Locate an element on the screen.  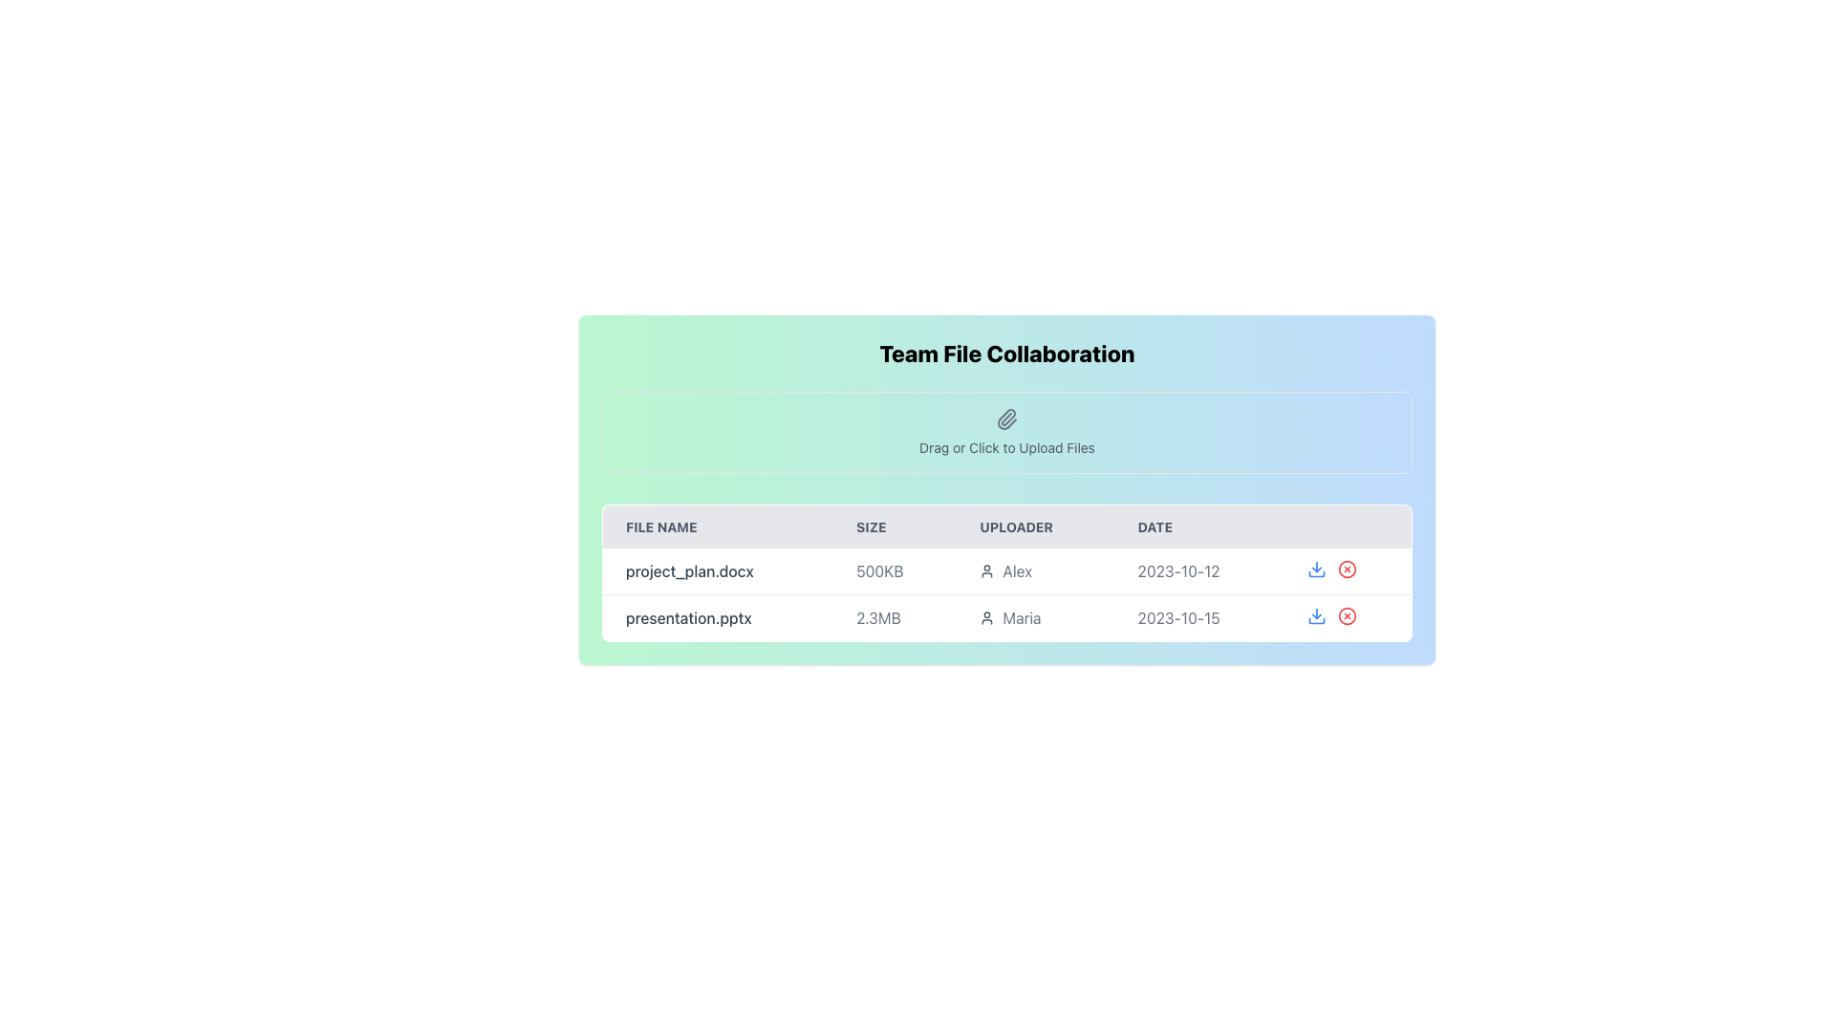
the static text displaying the date '2023-10-15' in the 'DATE' column of the second row, which is aligned to the left and is positioned between the uploader's name 'Maria' and a download icon is located at coordinates (1198, 618).